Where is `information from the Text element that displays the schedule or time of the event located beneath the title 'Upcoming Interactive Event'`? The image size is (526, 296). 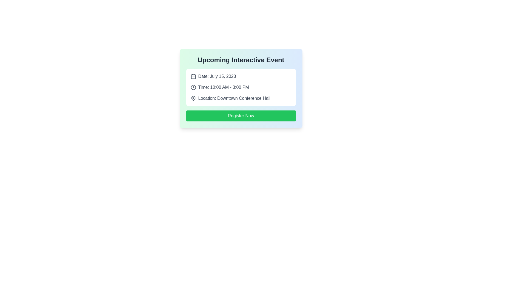
information from the Text element that displays the schedule or time of the event located beneath the title 'Upcoming Interactive Event' is located at coordinates (224, 87).